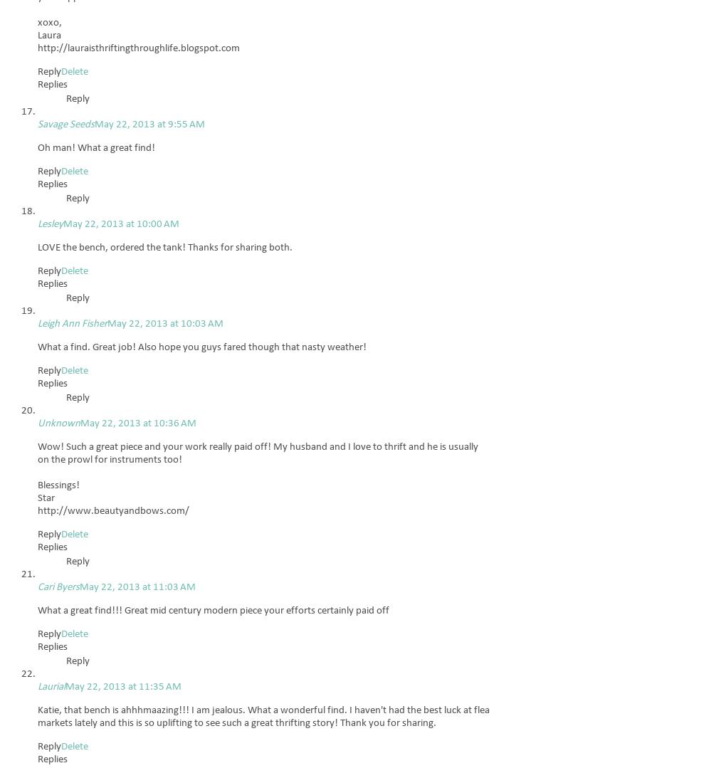  Describe the element at coordinates (58, 586) in the screenshot. I see `'Cari Byers'` at that location.